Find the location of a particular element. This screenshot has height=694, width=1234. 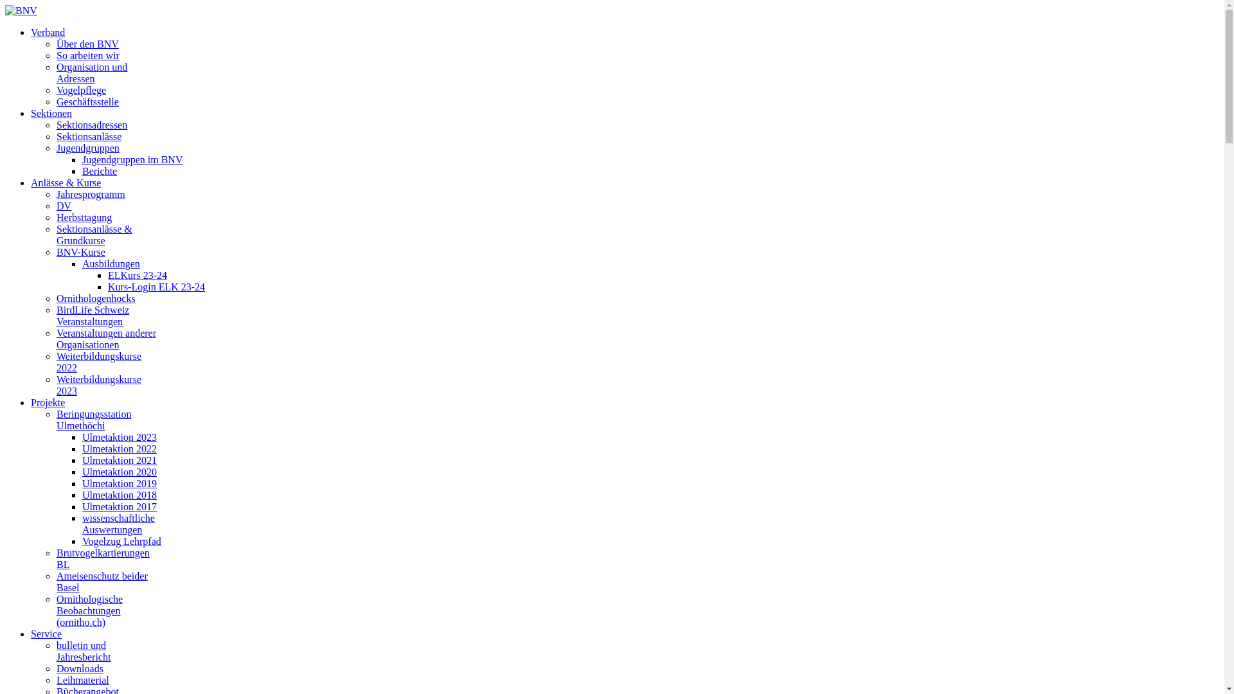

'Vogelpflege' is located at coordinates (80, 89).